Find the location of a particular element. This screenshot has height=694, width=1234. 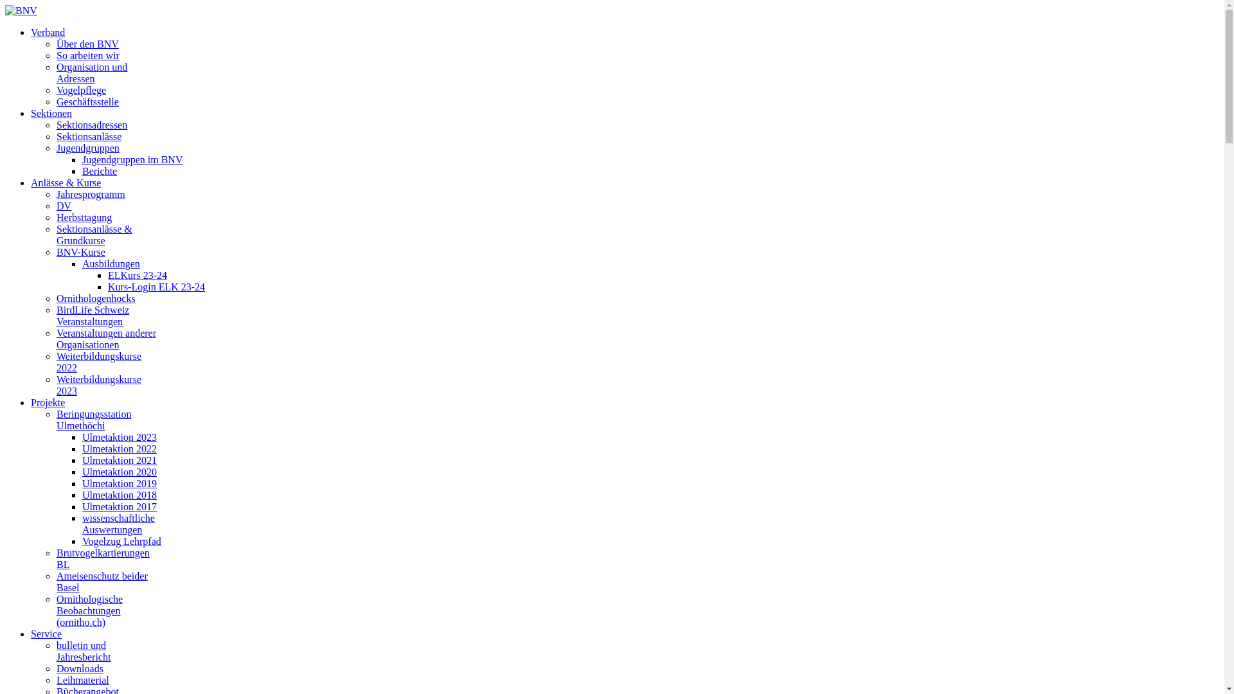

'Vogelpflege' is located at coordinates (80, 89).